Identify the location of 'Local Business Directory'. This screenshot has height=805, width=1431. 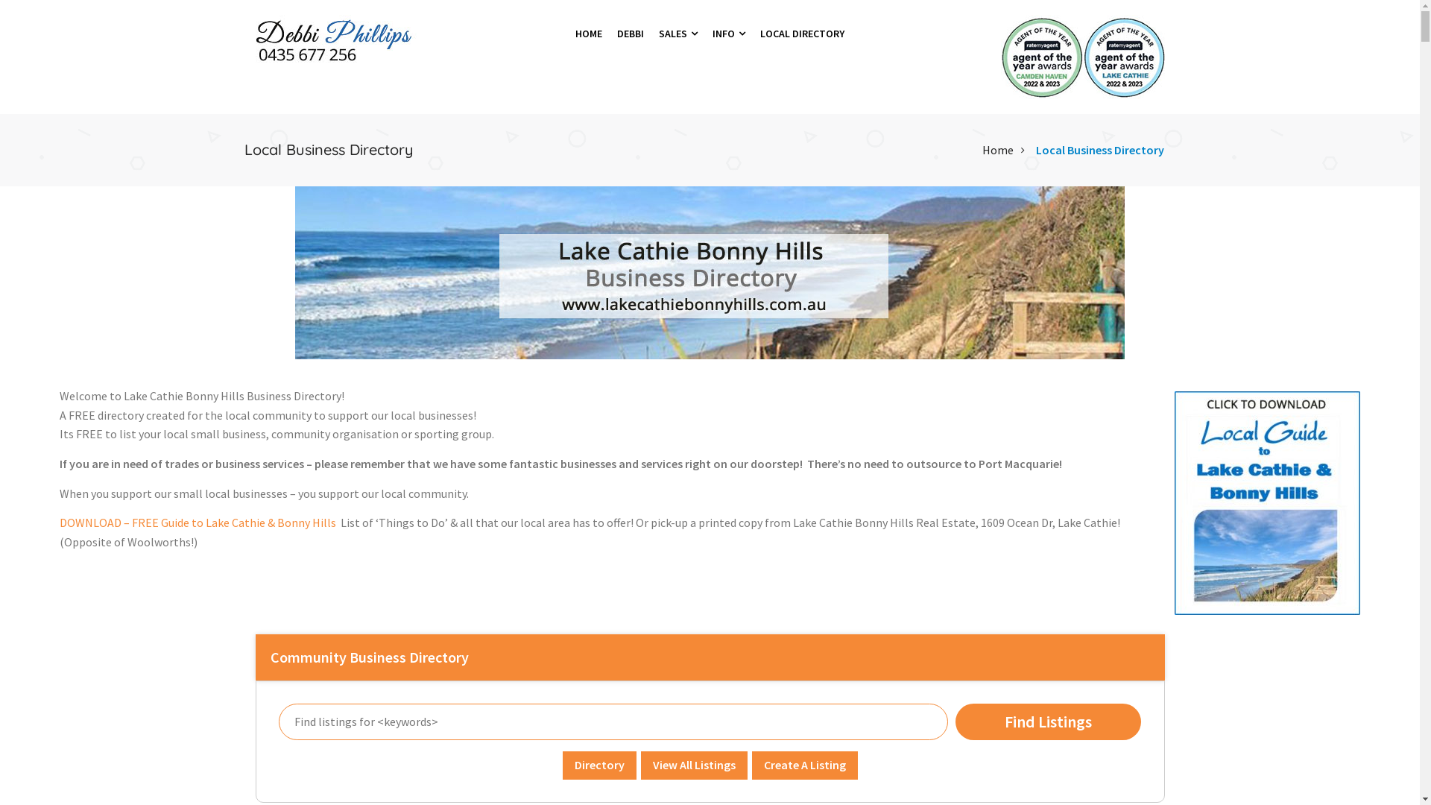
(1100, 150).